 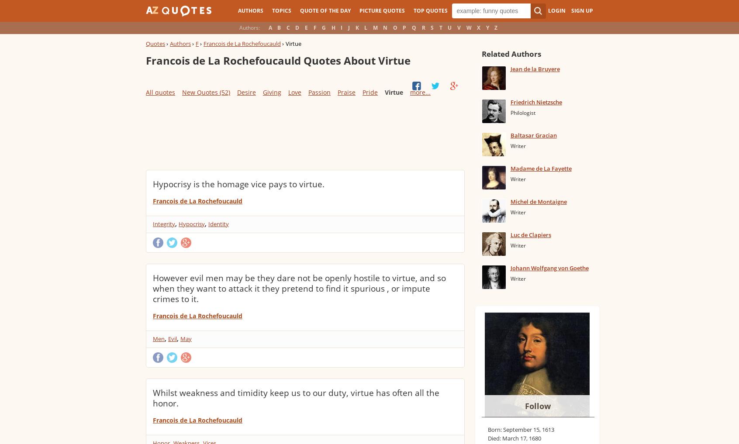 I want to click on 'Sign Up', so click(x=581, y=10).